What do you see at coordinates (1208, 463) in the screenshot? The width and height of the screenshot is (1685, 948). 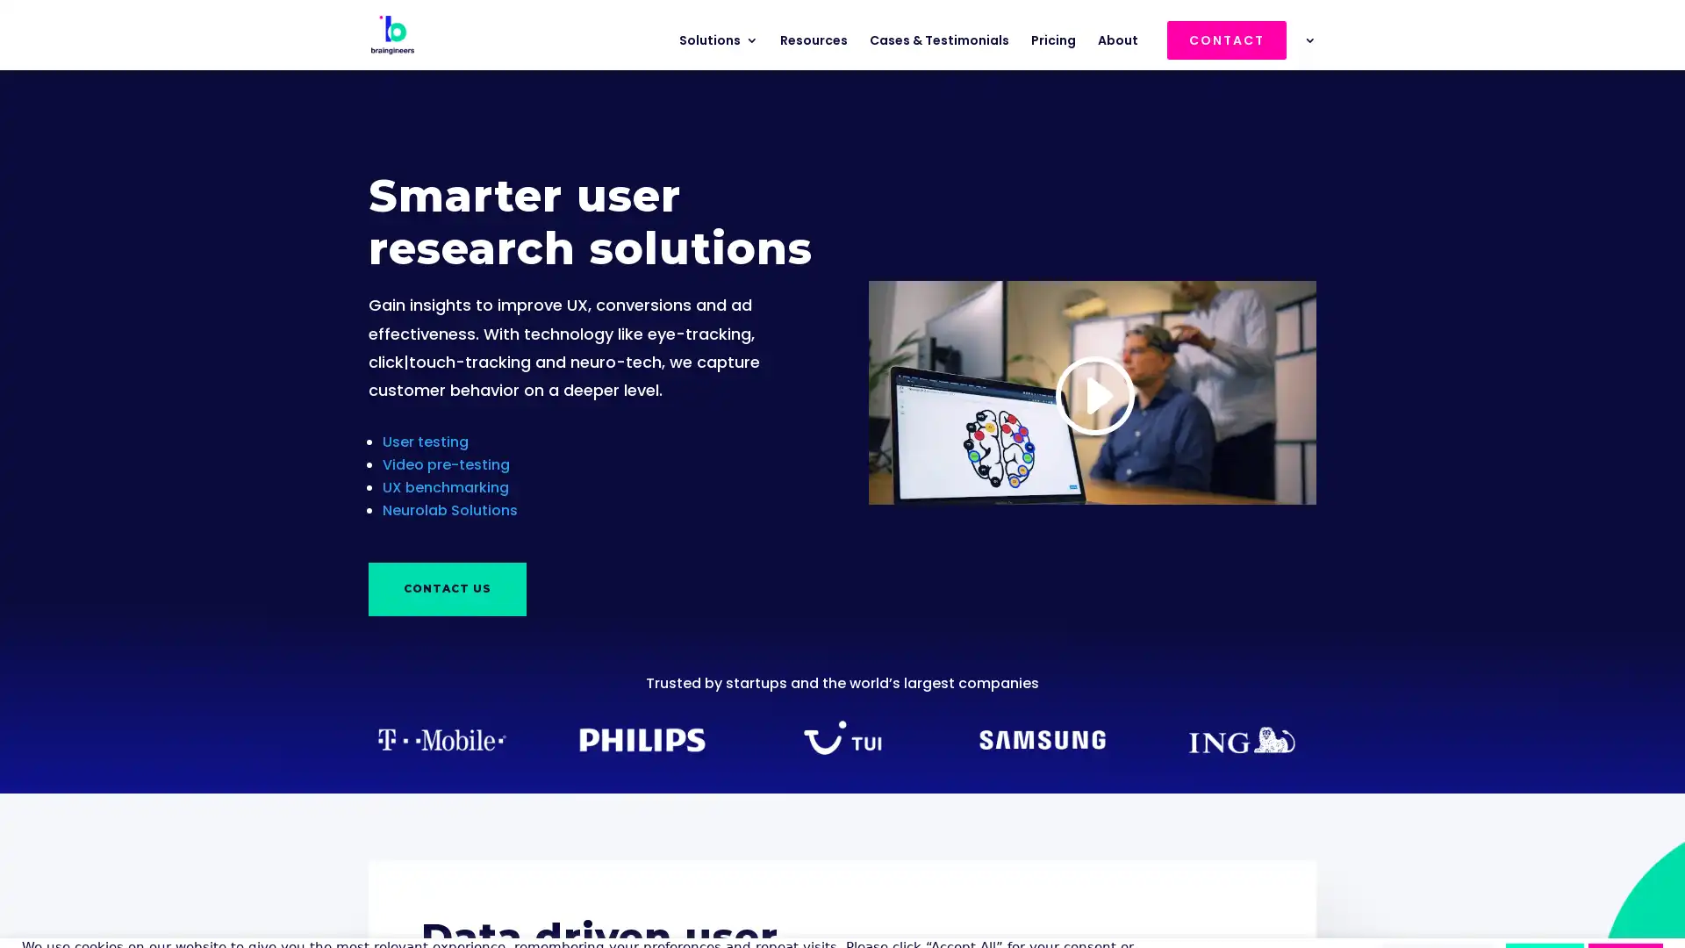 I see `mute` at bounding box center [1208, 463].